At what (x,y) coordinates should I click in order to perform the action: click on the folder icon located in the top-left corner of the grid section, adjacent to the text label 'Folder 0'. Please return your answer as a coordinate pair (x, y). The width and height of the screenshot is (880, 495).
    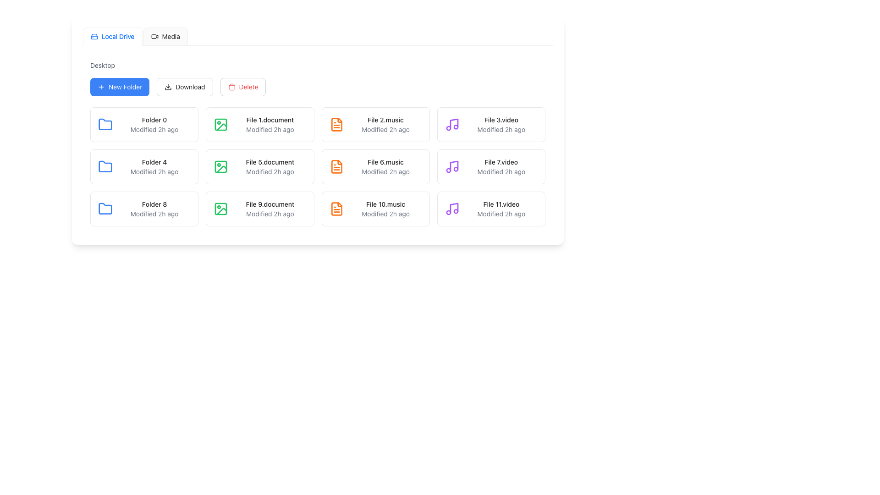
    Looking at the image, I should click on (105, 124).